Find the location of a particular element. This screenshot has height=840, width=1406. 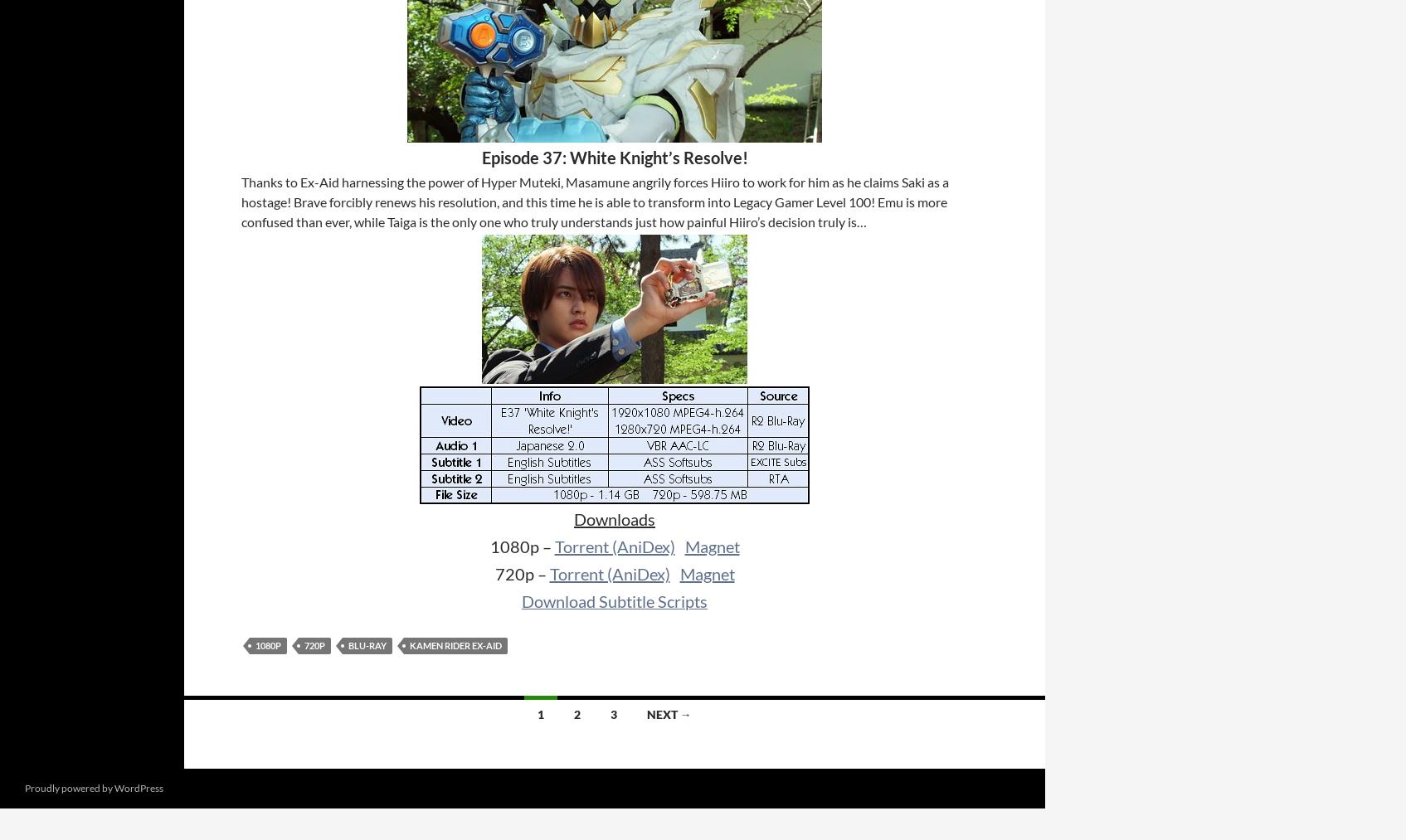

'Proudly powered by WordPress' is located at coordinates (93, 788).